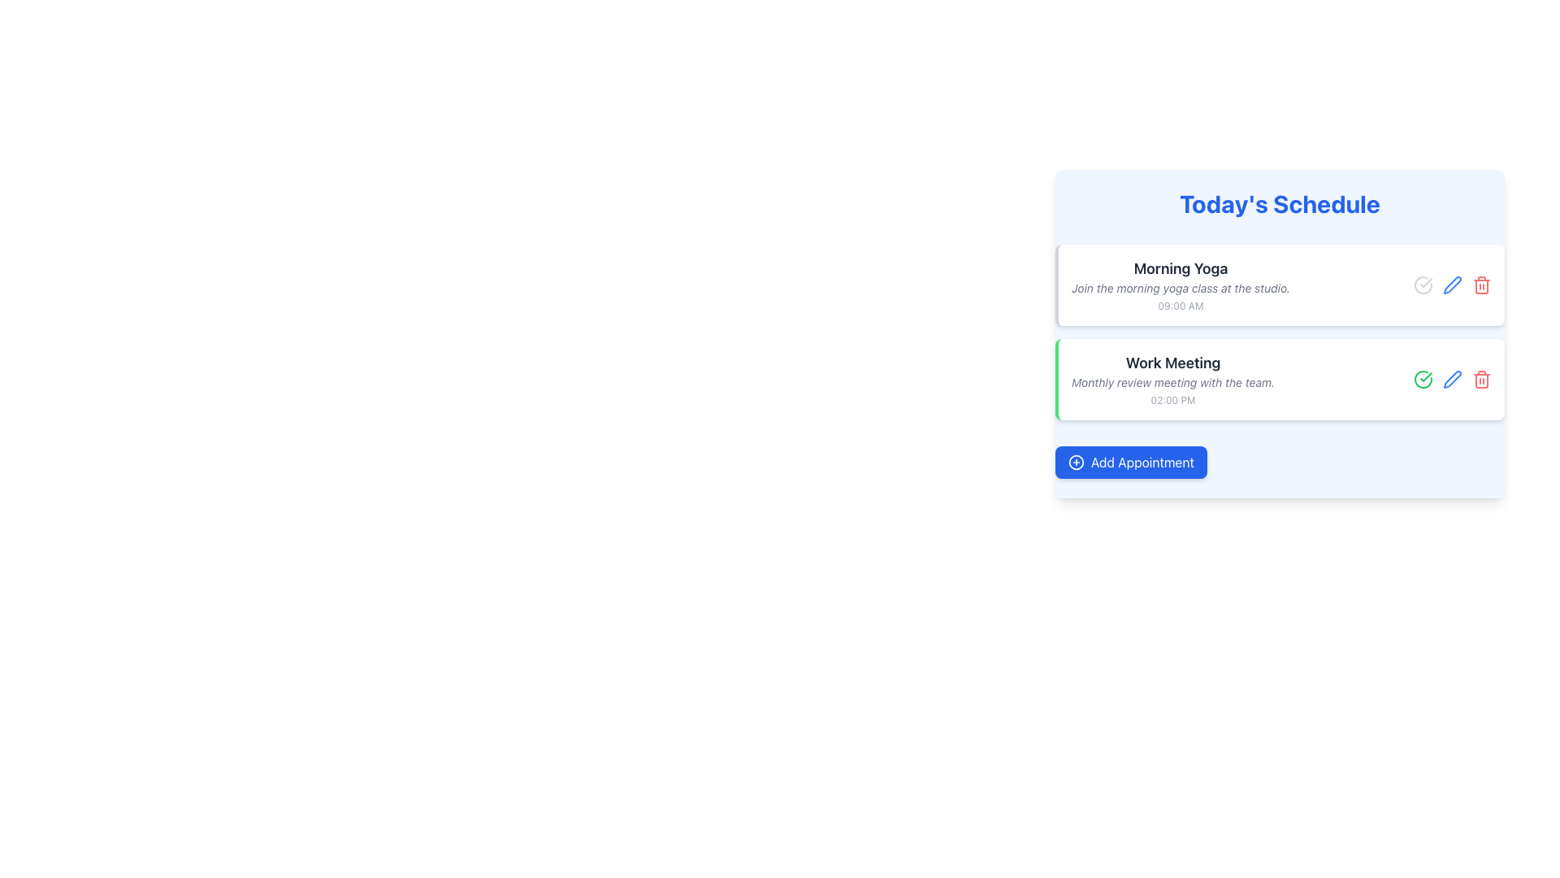 The image size is (1560, 878). Describe the element at coordinates (1453, 379) in the screenshot. I see `the pen icon button, which is the third icon in a horizontal row aligned to the far right of the 'Work Meeting' entry in the 'Today's Schedule' section` at that location.